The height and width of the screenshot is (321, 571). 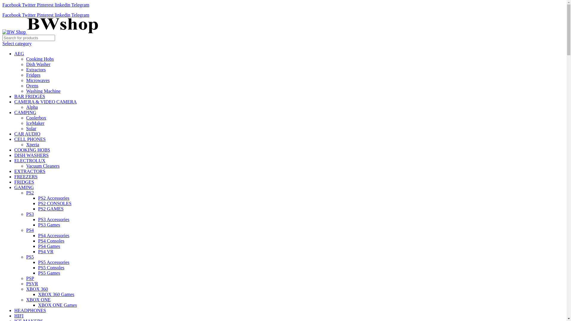 I want to click on 'Xperia', so click(x=32, y=144).